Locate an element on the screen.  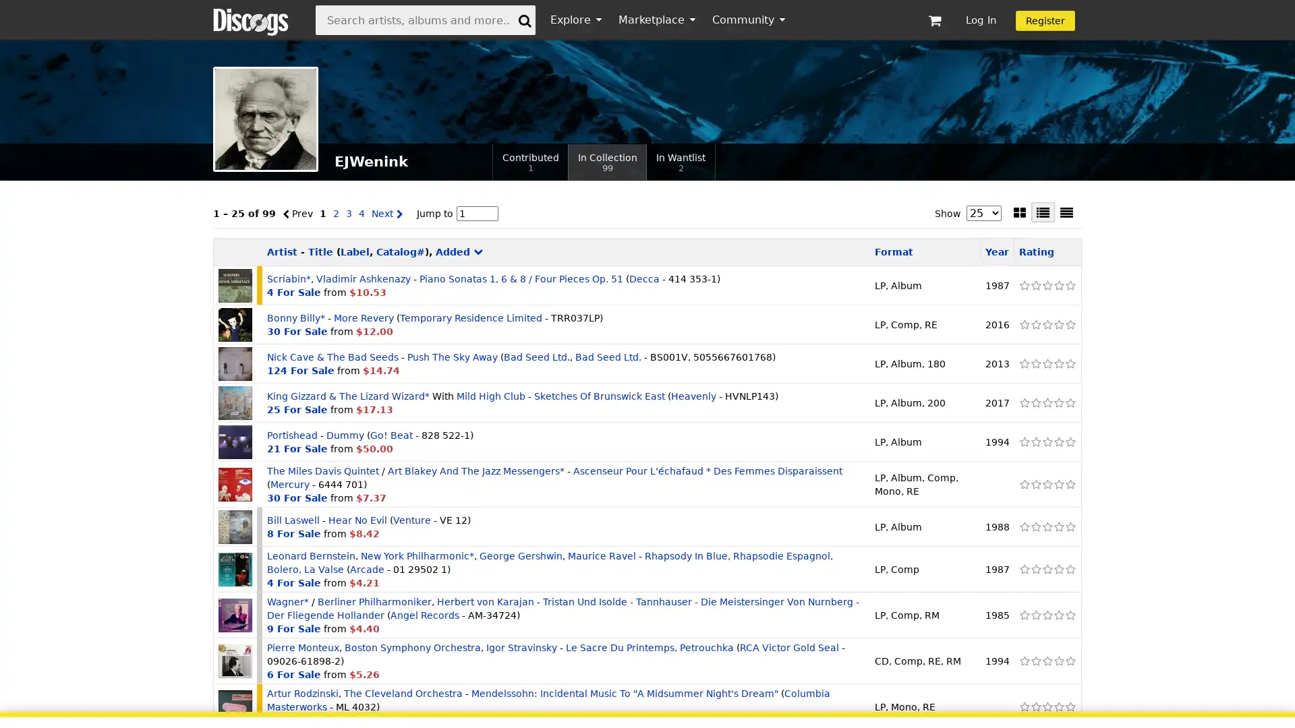
Rate this release 1 star. is located at coordinates (1024, 402).